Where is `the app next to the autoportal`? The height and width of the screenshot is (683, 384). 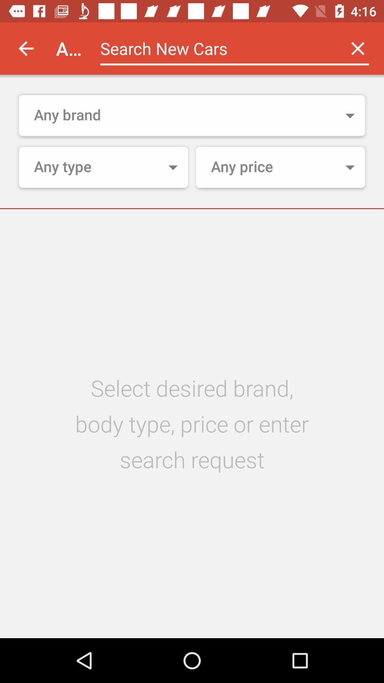
the app next to the autoportal is located at coordinates (215, 48).